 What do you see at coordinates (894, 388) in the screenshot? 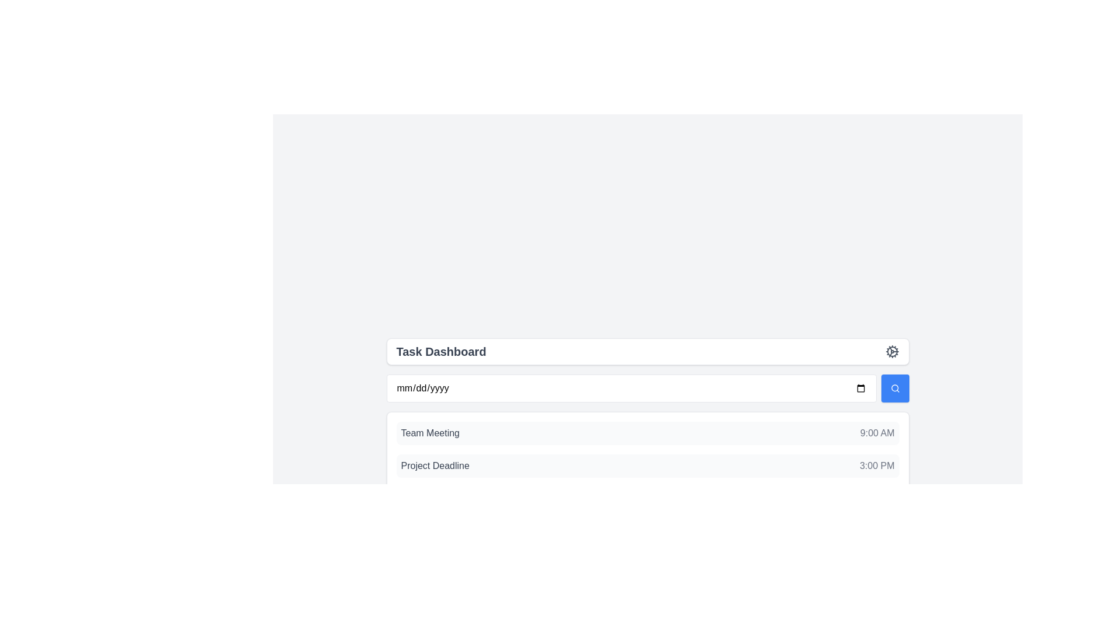
I see `the Decorative SVG component that is part of a blue square-shaped button, which is located to the right of the date input field and includes a calendar icon` at bounding box center [894, 388].